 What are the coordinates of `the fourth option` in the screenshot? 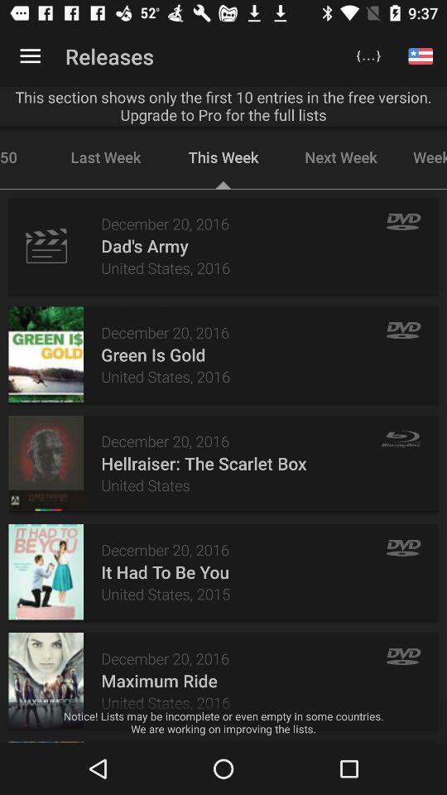 It's located at (46, 572).